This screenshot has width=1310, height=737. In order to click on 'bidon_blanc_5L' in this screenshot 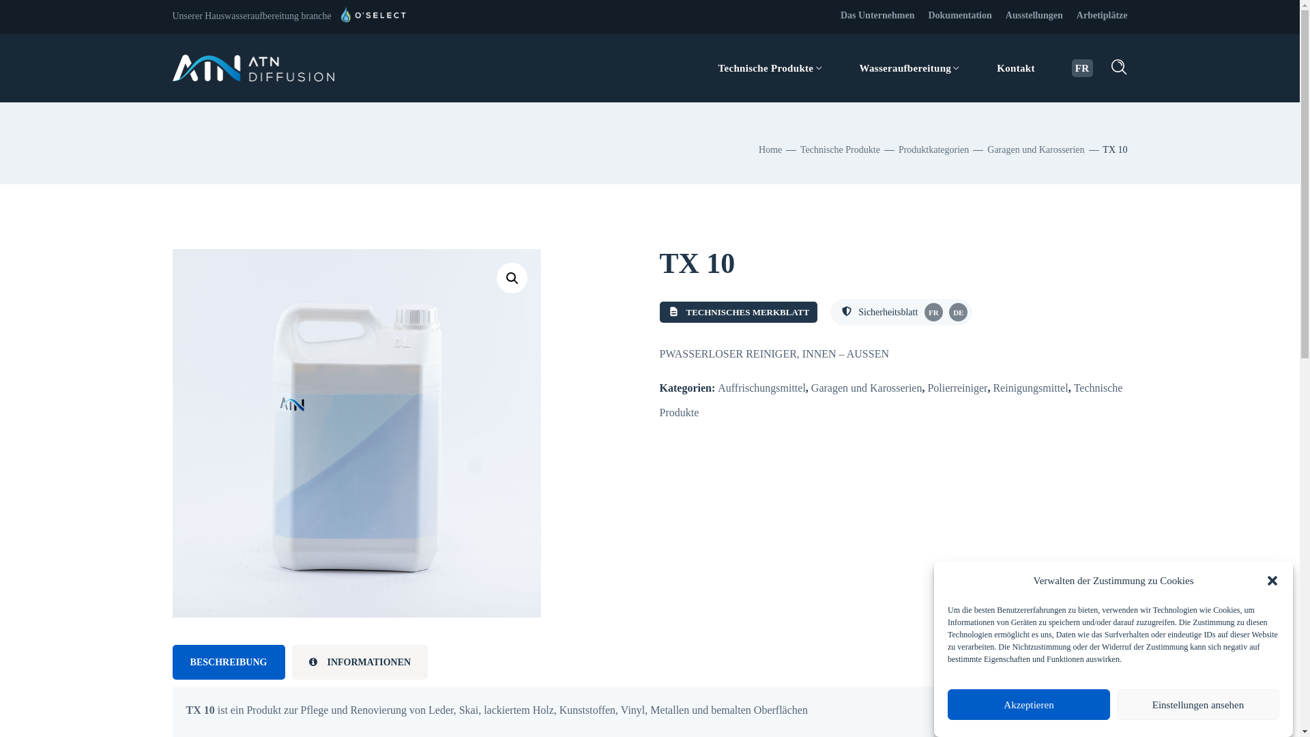, I will do `click(356, 433)`.